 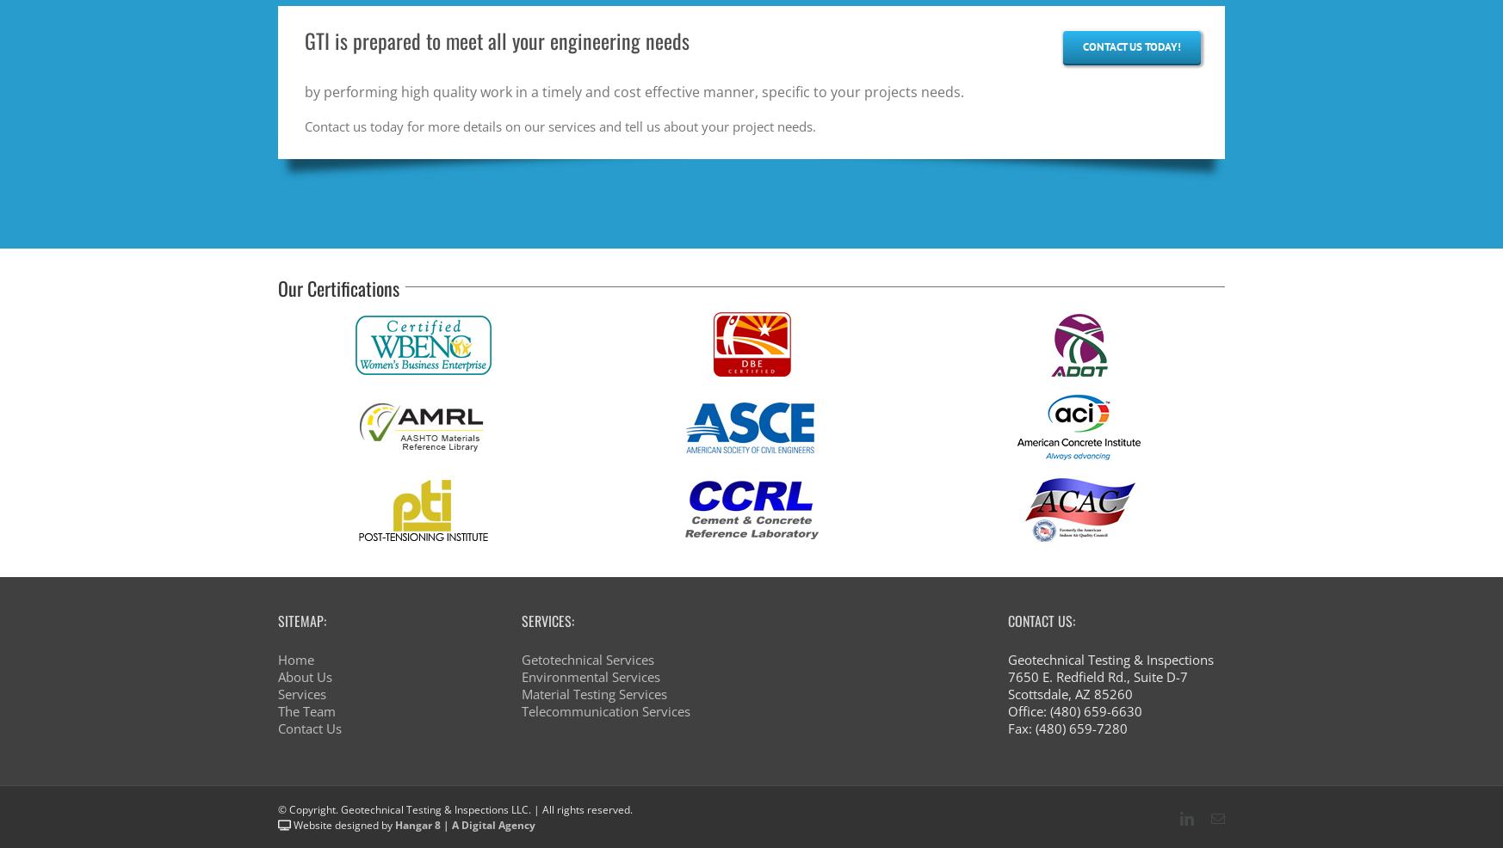 What do you see at coordinates (603, 711) in the screenshot?
I see `'Telecommunication Services'` at bounding box center [603, 711].